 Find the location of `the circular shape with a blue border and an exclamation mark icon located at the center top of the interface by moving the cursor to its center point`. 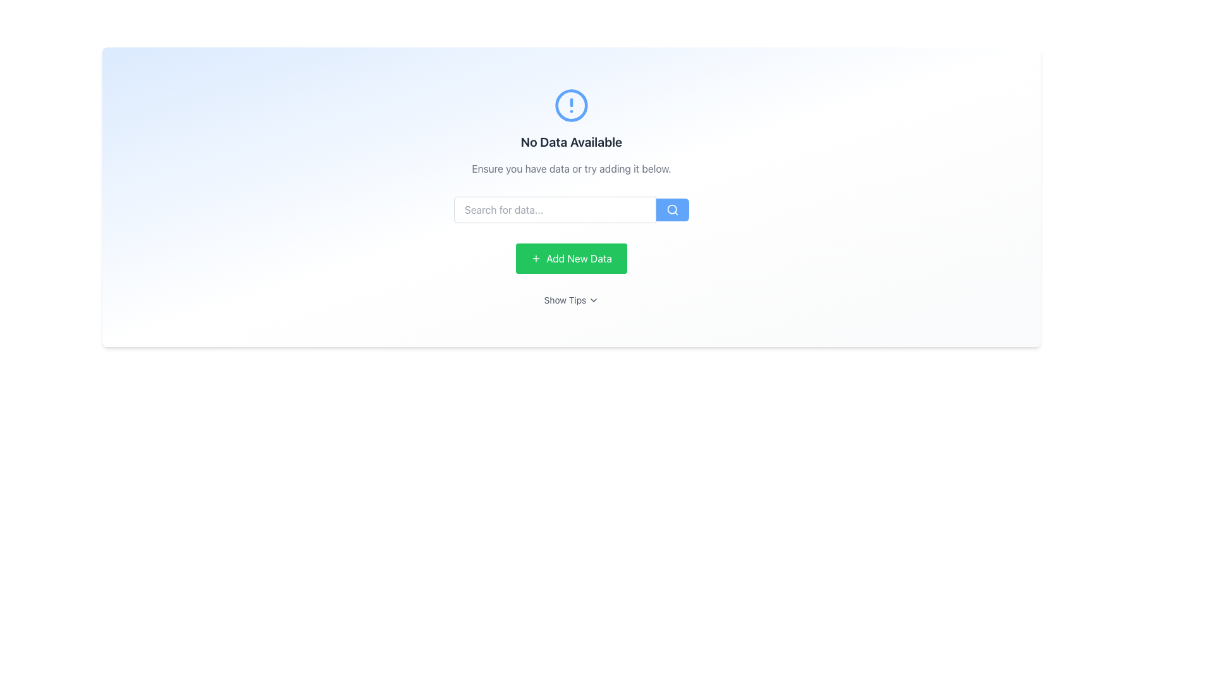

the circular shape with a blue border and an exclamation mark icon located at the center top of the interface by moving the cursor to its center point is located at coordinates (570, 104).